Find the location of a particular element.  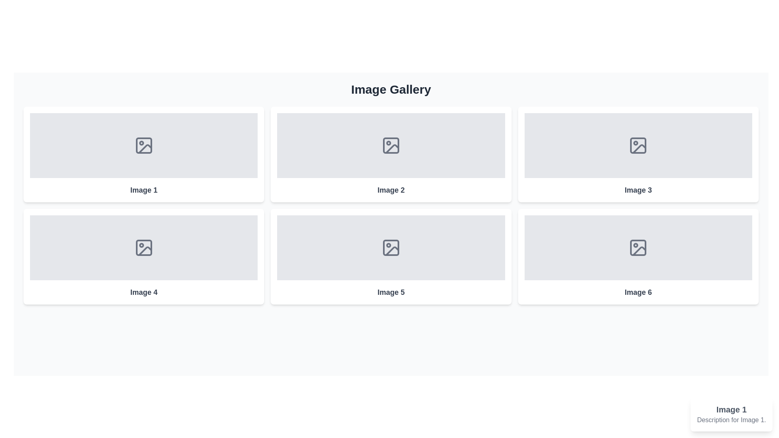

the icon styled as an image placeholder, which is a line-drawn image frame with a circle and a diagonal line, located in the lower row, second column of a 2x3 grid layout is located at coordinates (391, 247).